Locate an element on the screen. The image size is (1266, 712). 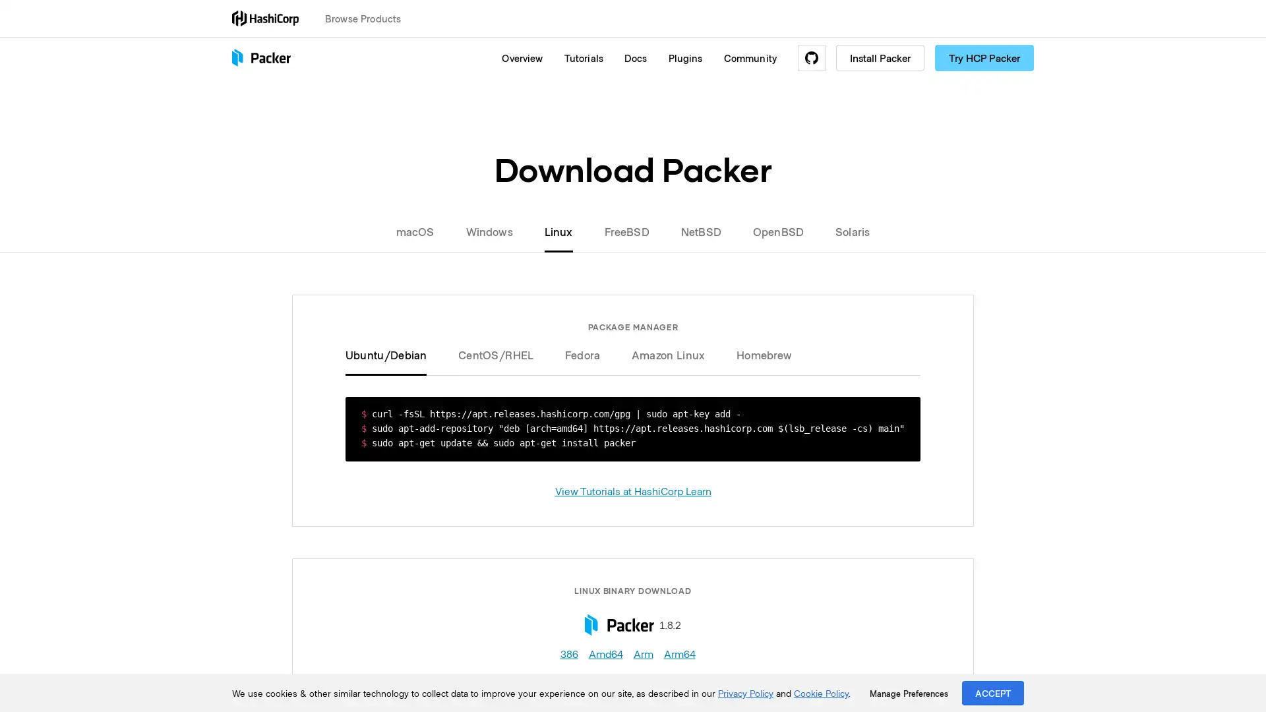
Ubuntu/Debian is located at coordinates (393, 353).